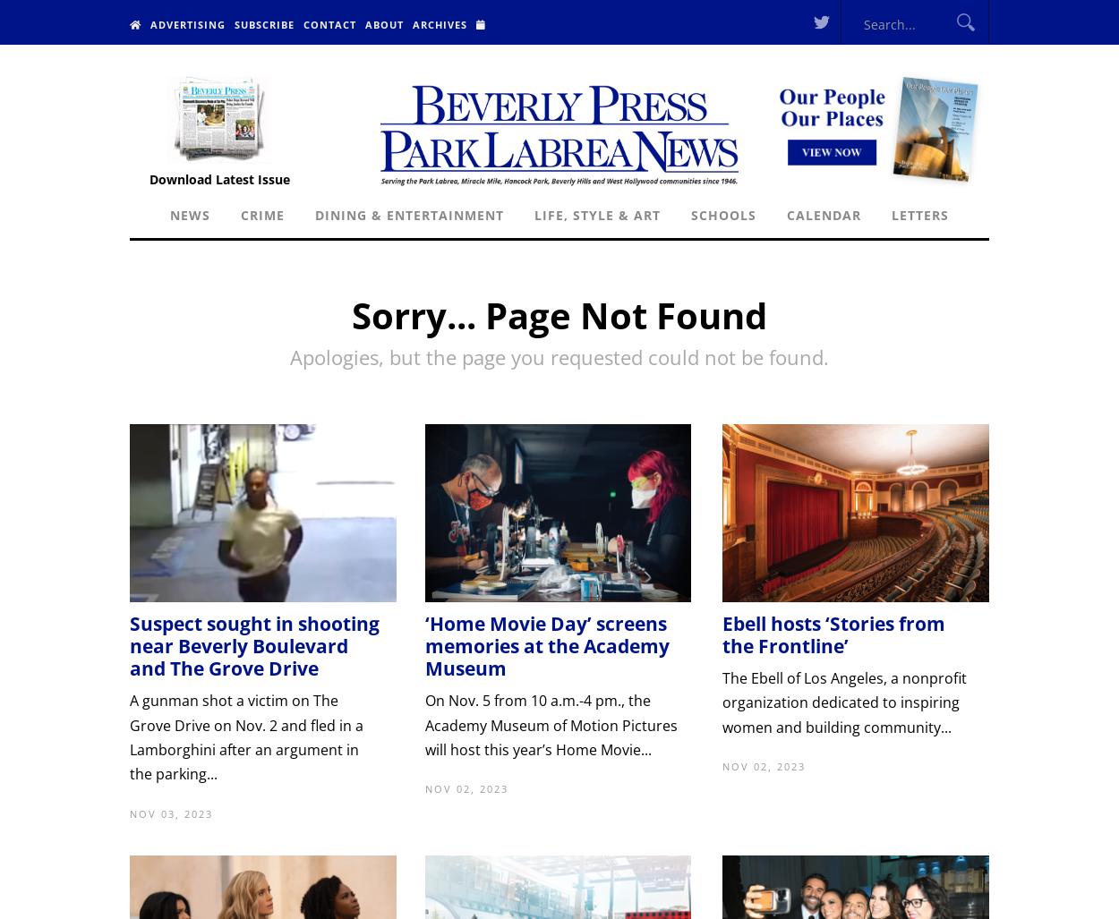 This screenshot has height=919, width=1119. Describe the element at coordinates (314, 215) in the screenshot. I see `'Dining & Entertainment'` at that location.